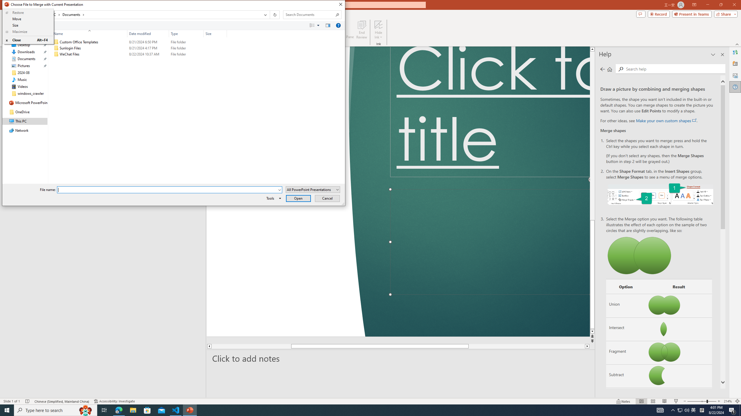  I want to click on 'Refresh "Documents" (F5)', so click(274, 14).